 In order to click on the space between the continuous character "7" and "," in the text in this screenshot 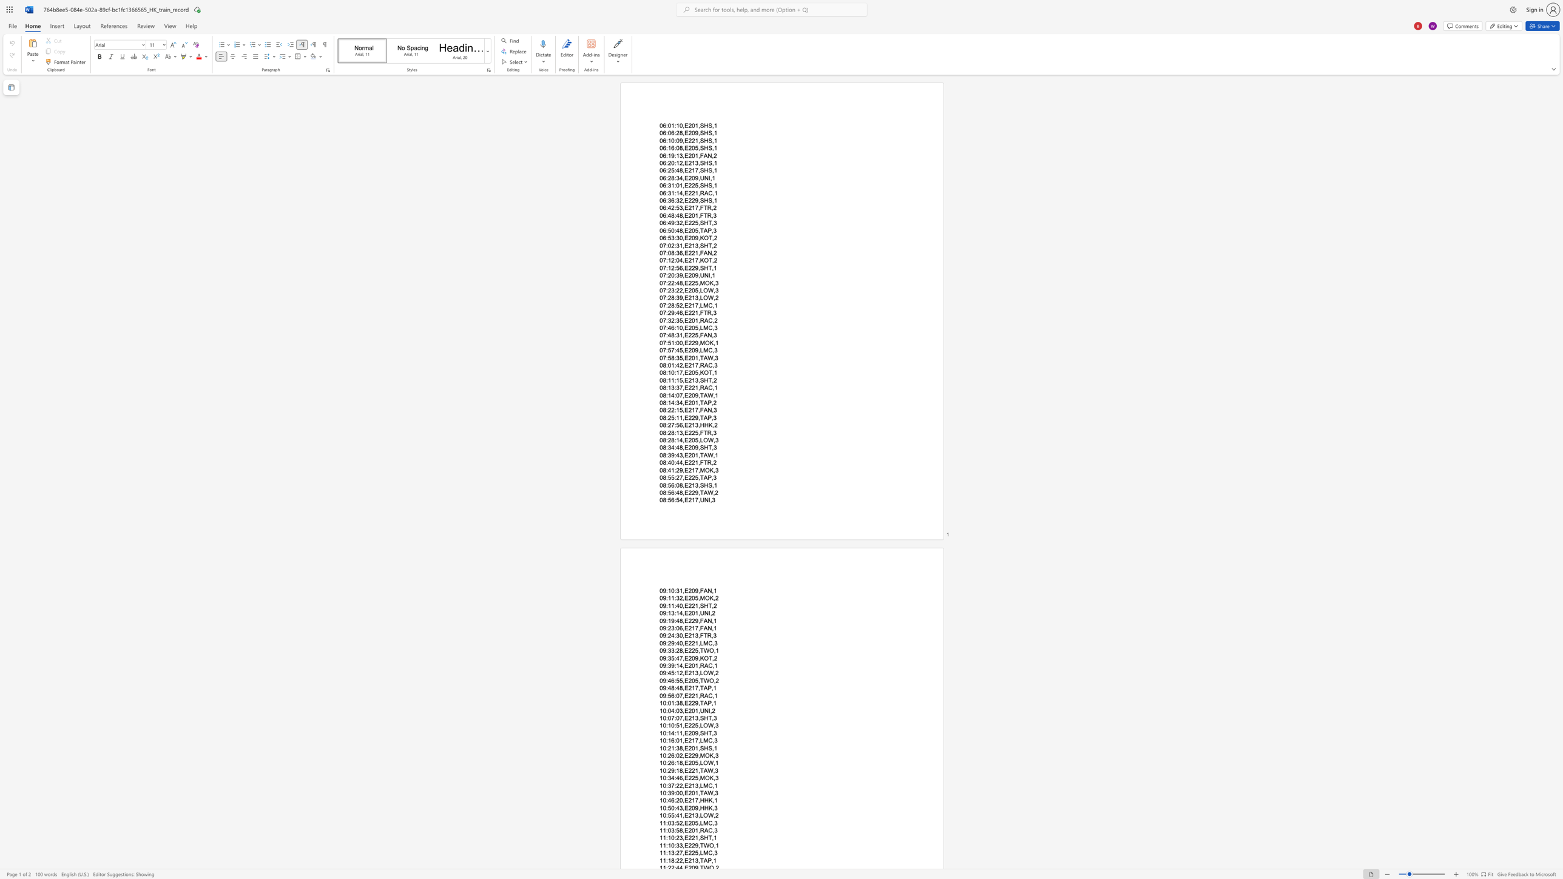, I will do `click(697, 687)`.